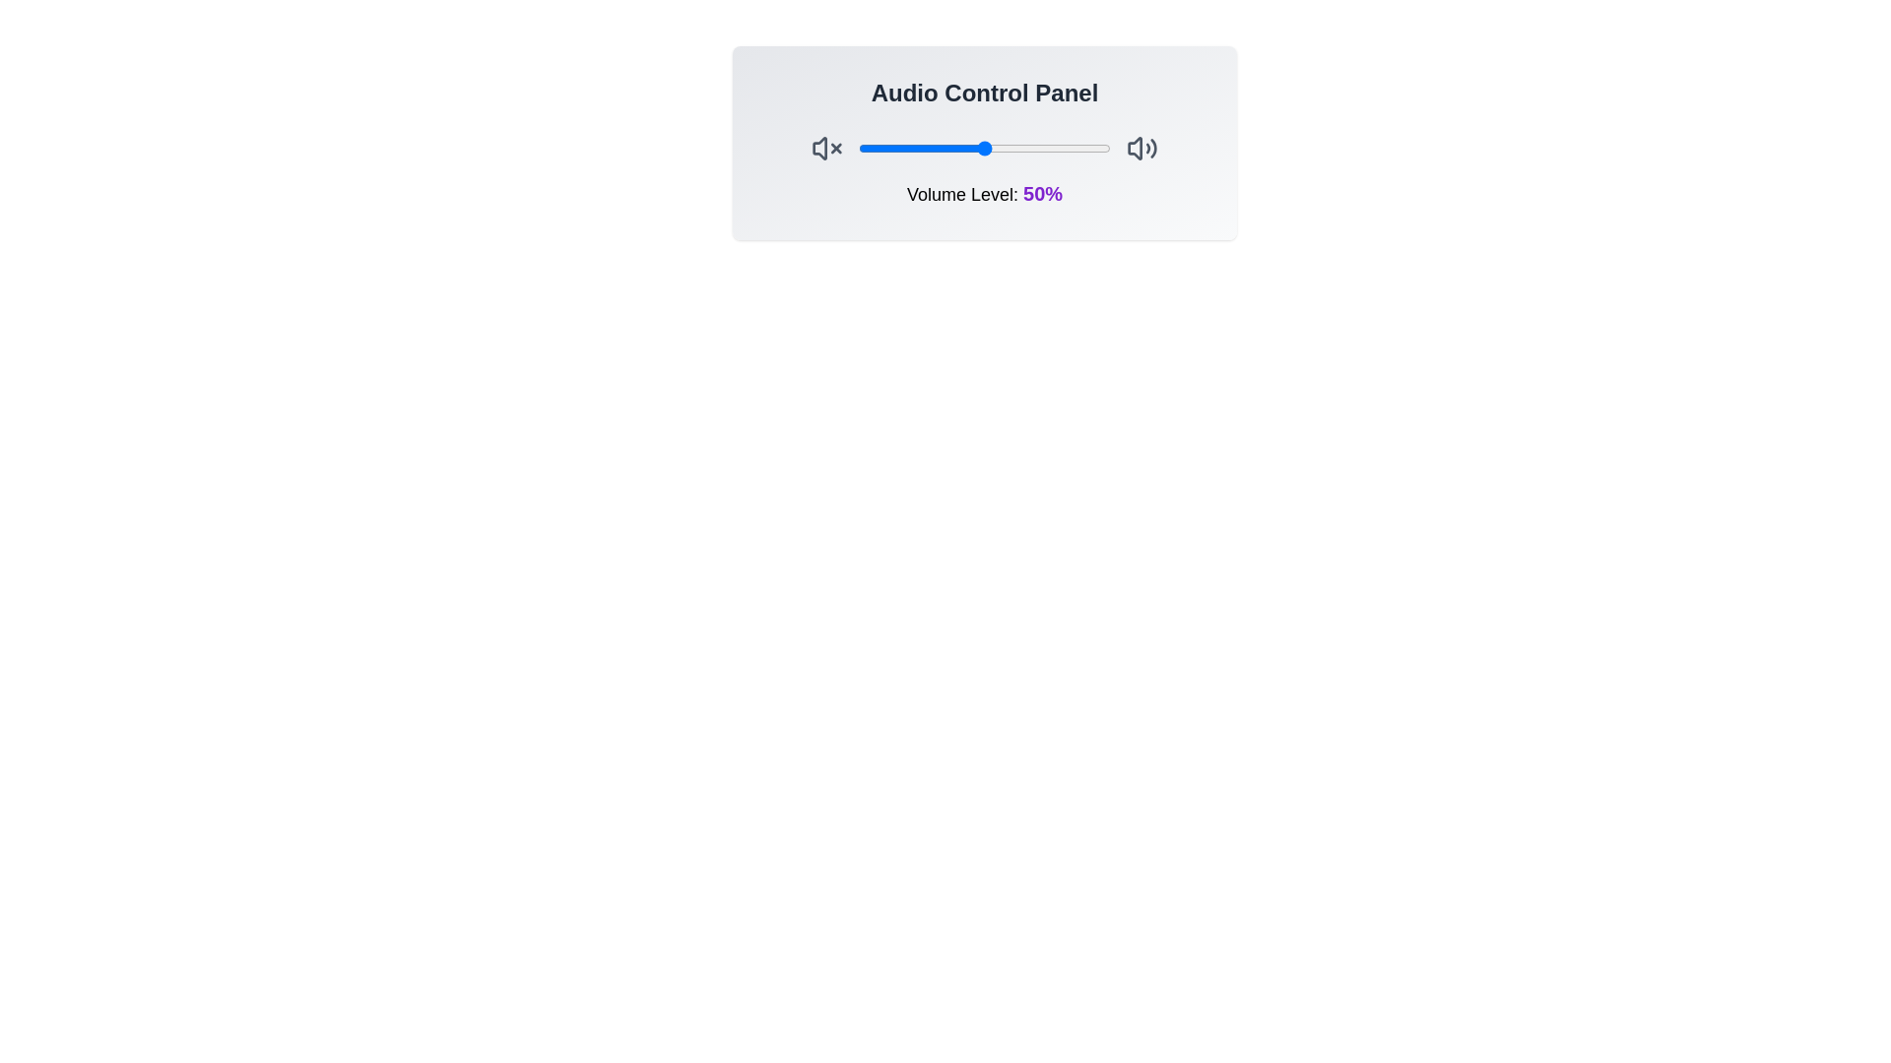  What do you see at coordinates (984, 194) in the screenshot?
I see `the text display showing 'Volume Level: 50%' which is styled with 'Volume Level:' in medium font and '50%' in bold purple text, located in the 'Audio Control Panel' beneath the main slider bar` at bounding box center [984, 194].